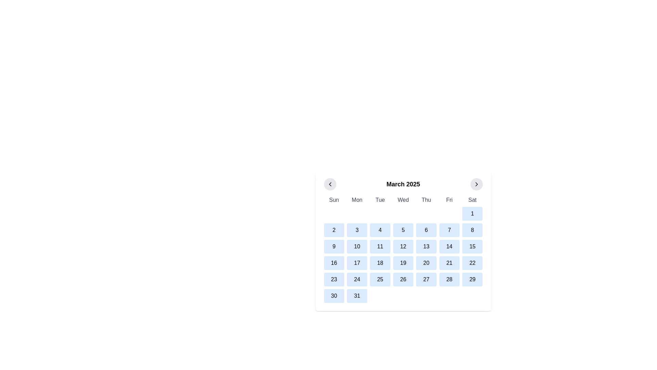  Describe the element at coordinates (334, 230) in the screenshot. I see `the button displaying the number '2' in the calendar grid under the 'Sun' column` at that location.